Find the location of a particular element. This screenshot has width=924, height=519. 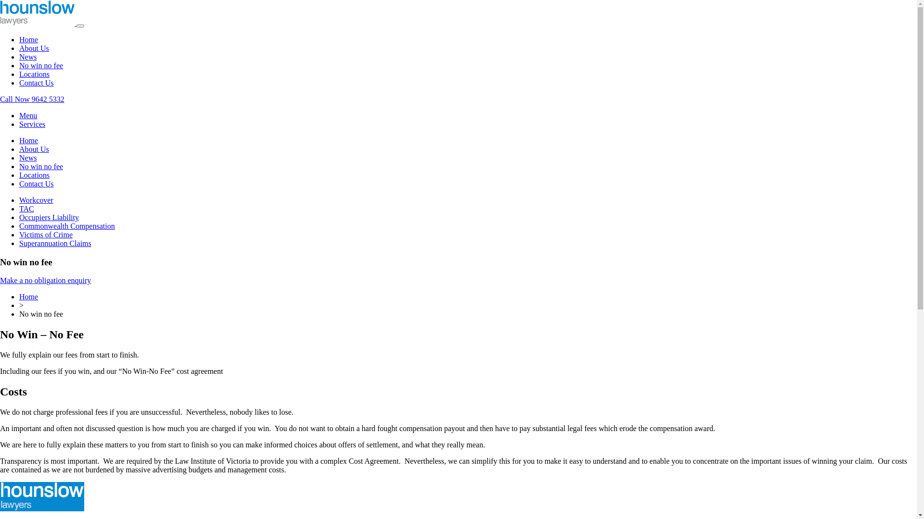

'Contact Us' is located at coordinates (37, 82).